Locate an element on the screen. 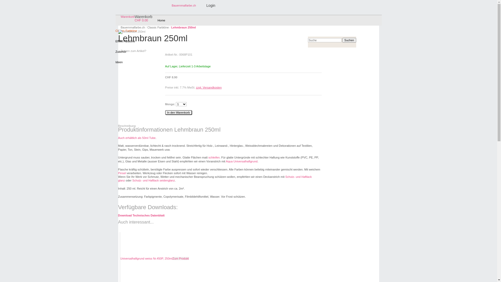  'Lehmbraun 250ml in den Warenkorb' is located at coordinates (178, 112).